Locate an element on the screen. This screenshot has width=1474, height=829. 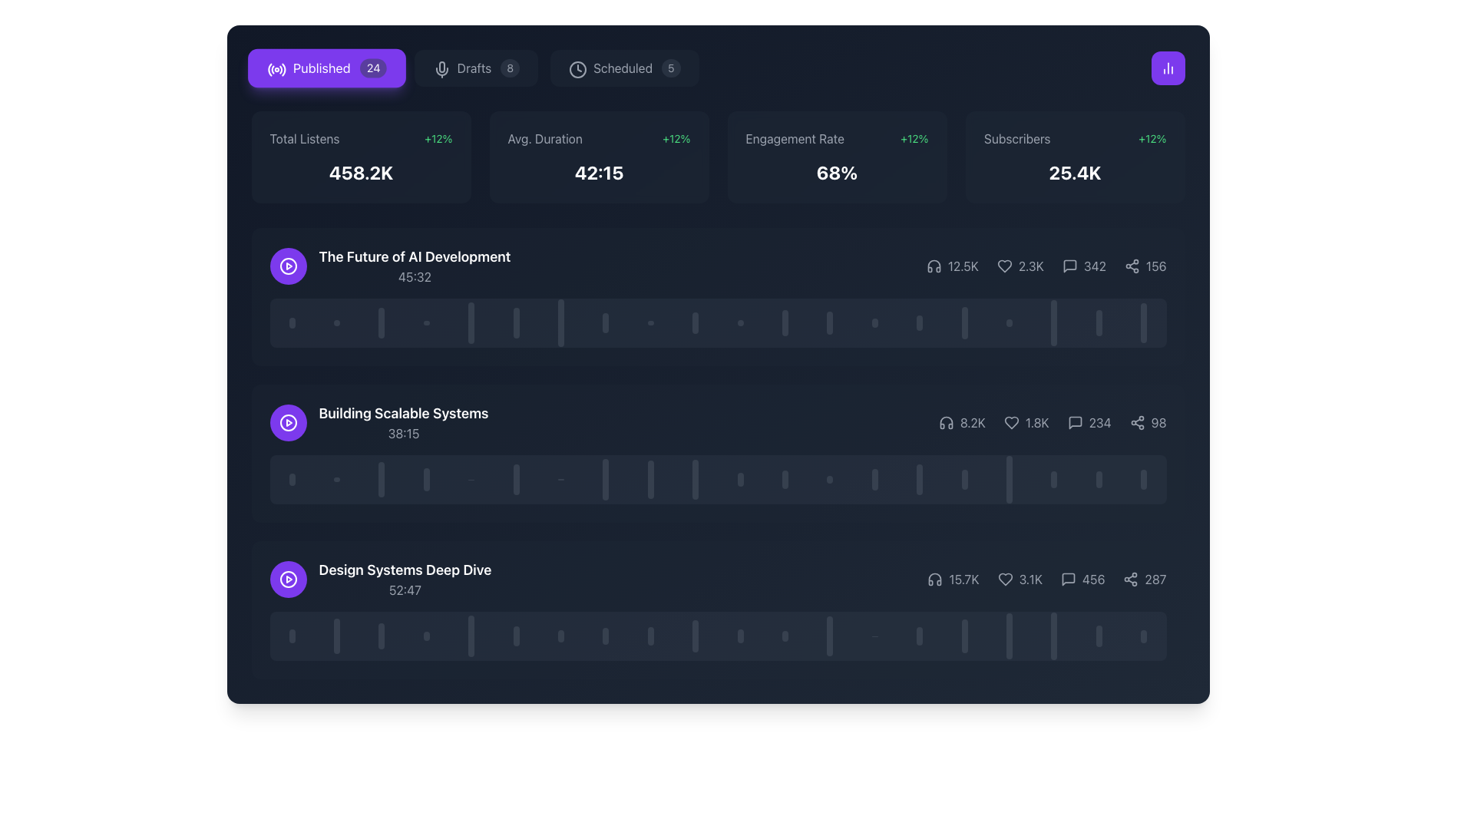
the Multi-statistic bar with icons located at the bottom of the third card labeled 'Design Systems Deep Dive' is located at coordinates (1046, 580).